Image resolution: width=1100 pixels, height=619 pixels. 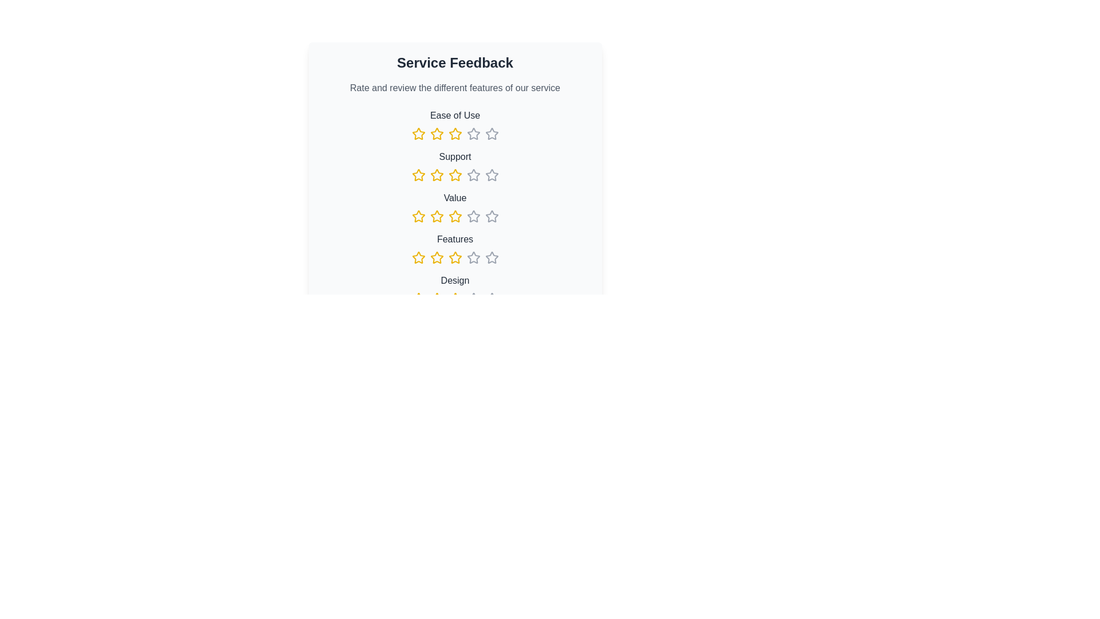 What do you see at coordinates (436, 298) in the screenshot?
I see `the highlighted yellow star icon in the Rating section of the feedback form` at bounding box center [436, 298].